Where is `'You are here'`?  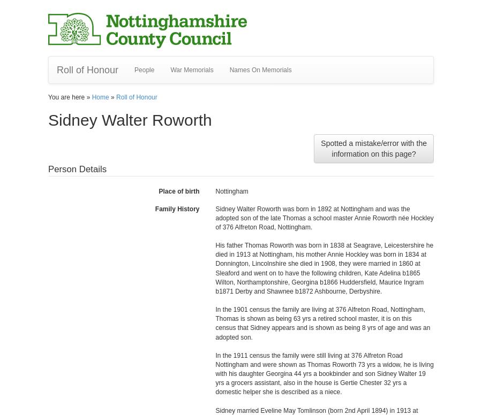
'You are here' is located at coordinates (67, 96).